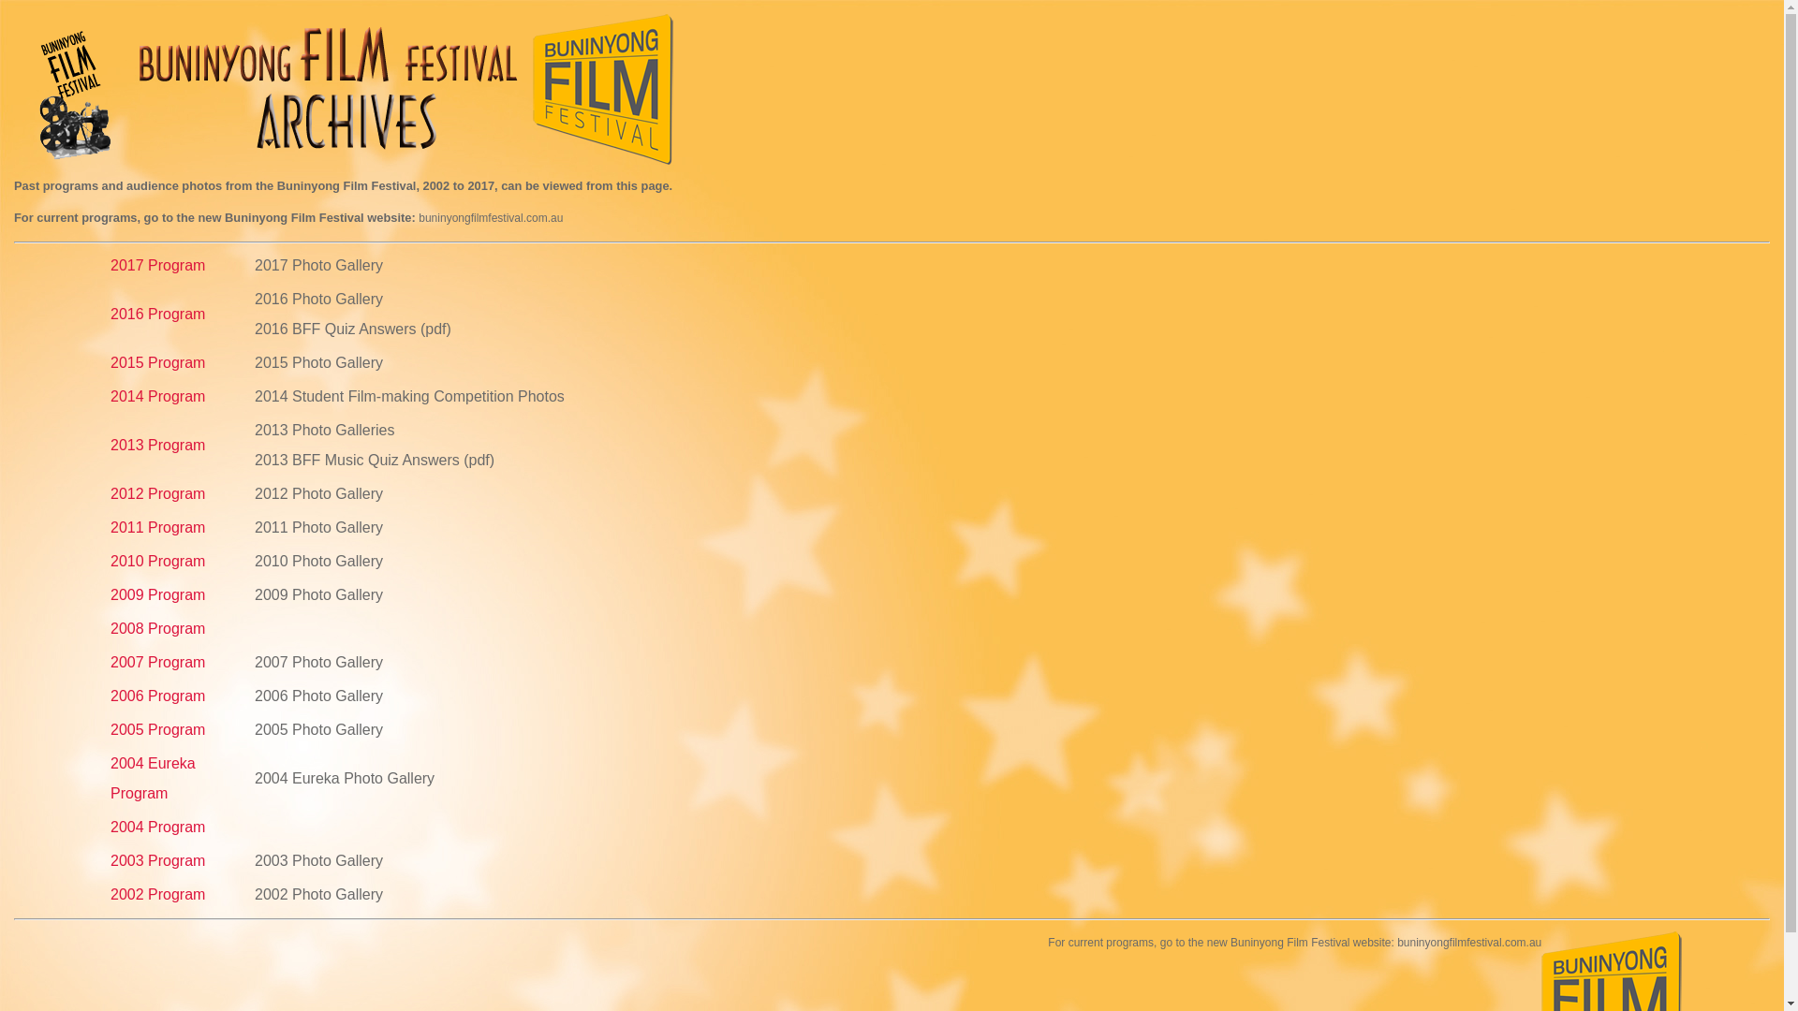 This screenshot has height=1011, width=1798. I want to click on '2005 Photo Gallery', so click(318, 728).